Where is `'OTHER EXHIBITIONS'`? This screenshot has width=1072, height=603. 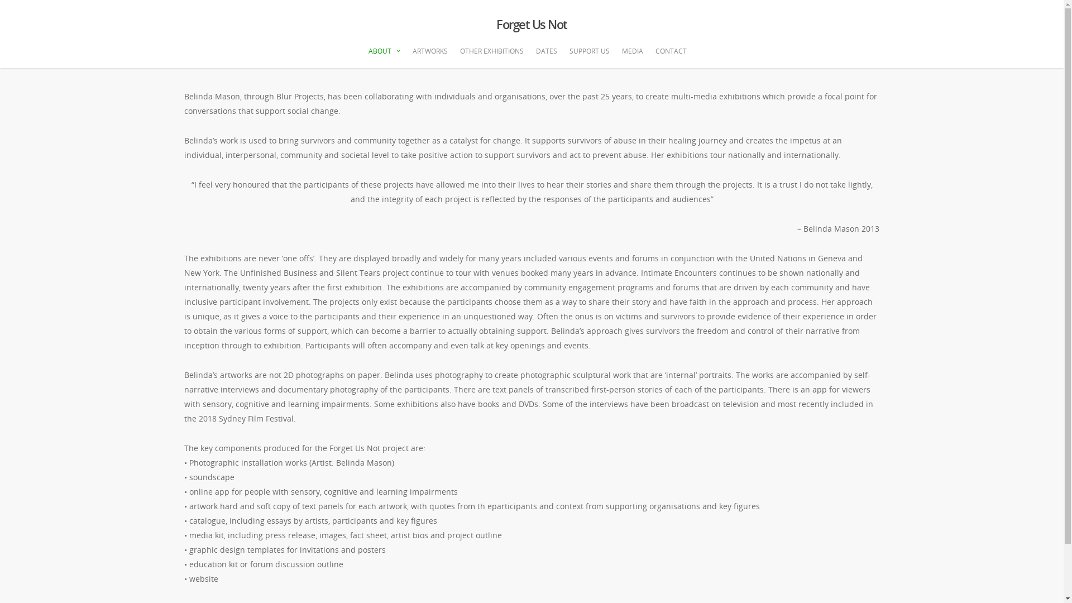 'OTHER EXHIBITIONS' is located at coordinates (491, 56).